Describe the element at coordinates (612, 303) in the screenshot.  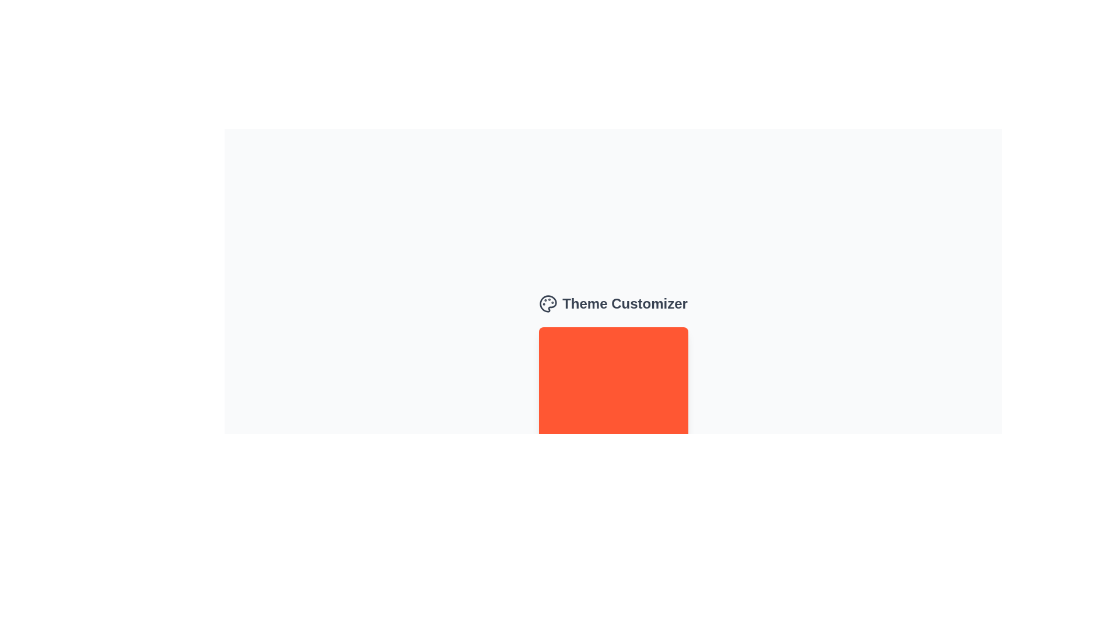
I see `'Theme Customizer' text element, which includes a palette icon, located in the upper middle section of the interface above a large orange square` at that location.